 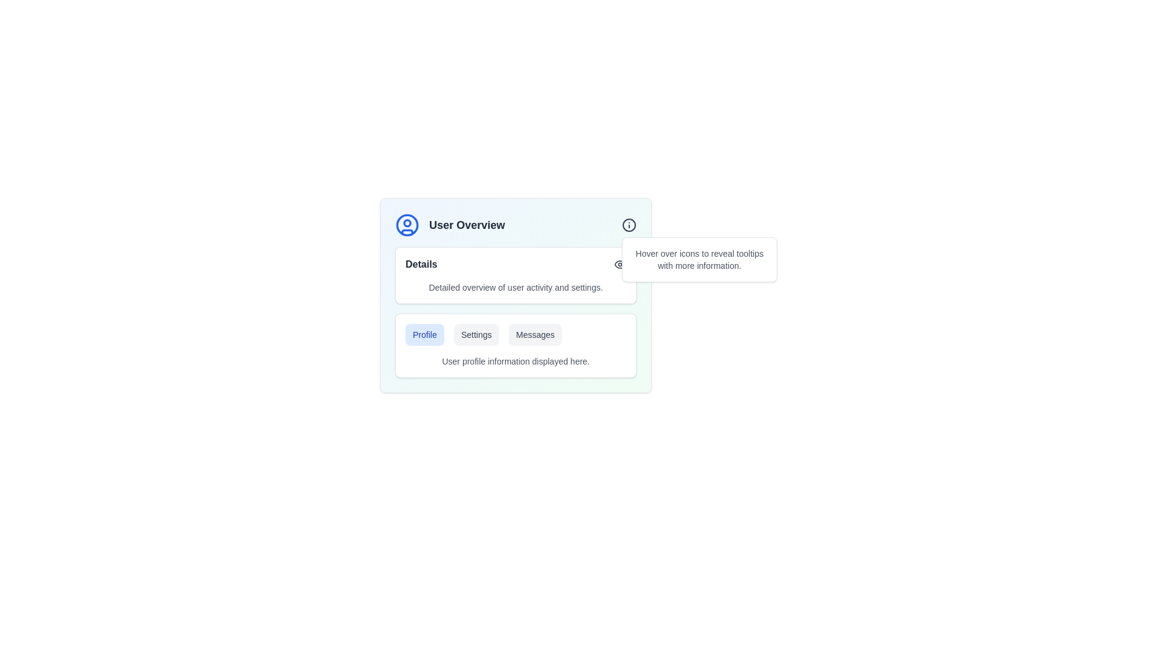 I want to click on the 'Settings' button, which is a rectangular button with a light gray background and medium gray text, located centrally among a group of three horizontally aligned buttons, so click(x=476, y=334).